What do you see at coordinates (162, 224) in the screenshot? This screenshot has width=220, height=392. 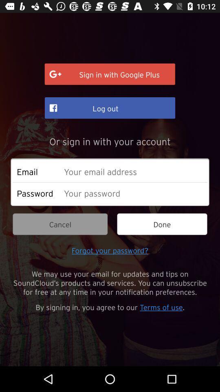 I see `the icon to the right of the cancel item` at bounding box center [162, 224].